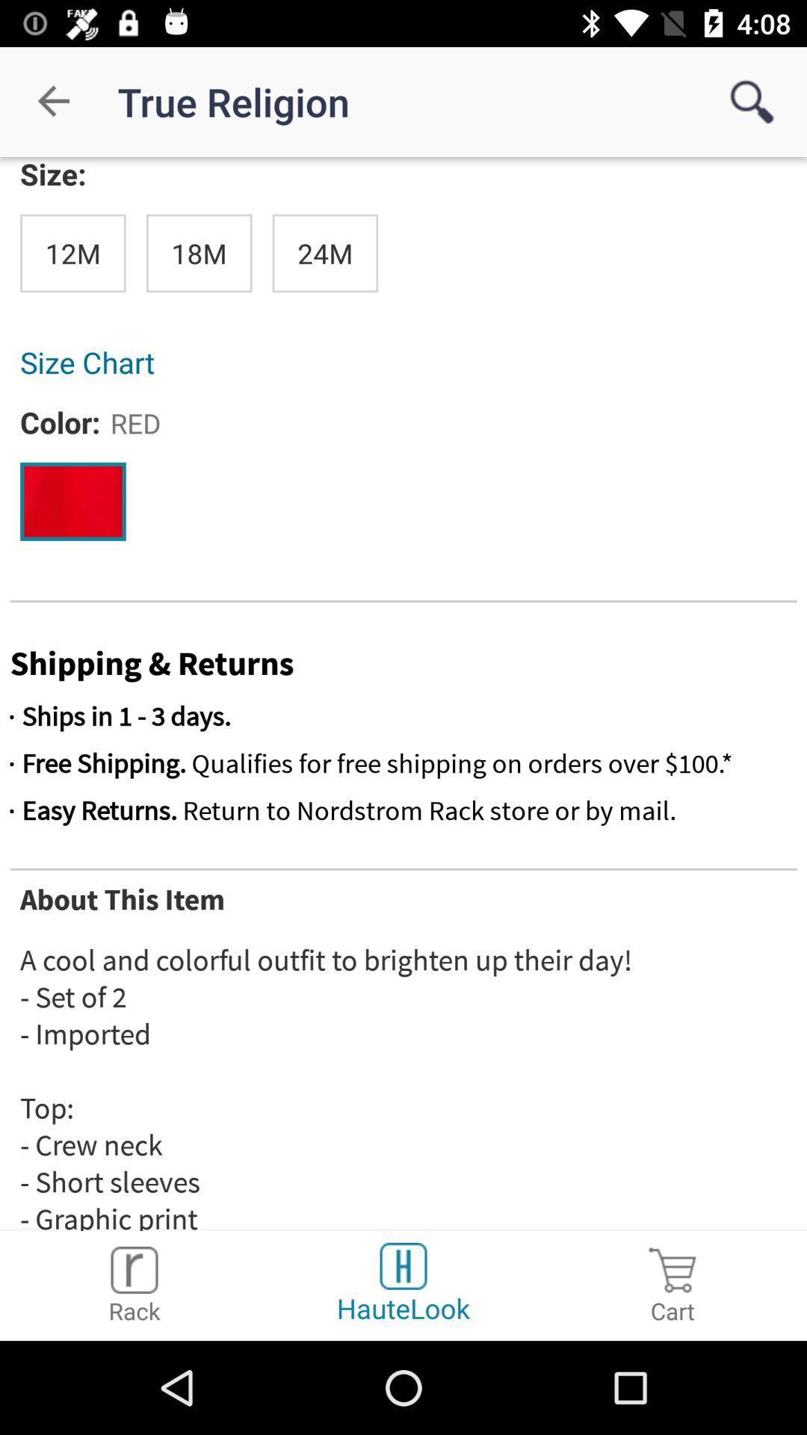  Describe the element at coordinates (324, 253) in the screenshot. I see `icon to the right of the 18m` at that location.